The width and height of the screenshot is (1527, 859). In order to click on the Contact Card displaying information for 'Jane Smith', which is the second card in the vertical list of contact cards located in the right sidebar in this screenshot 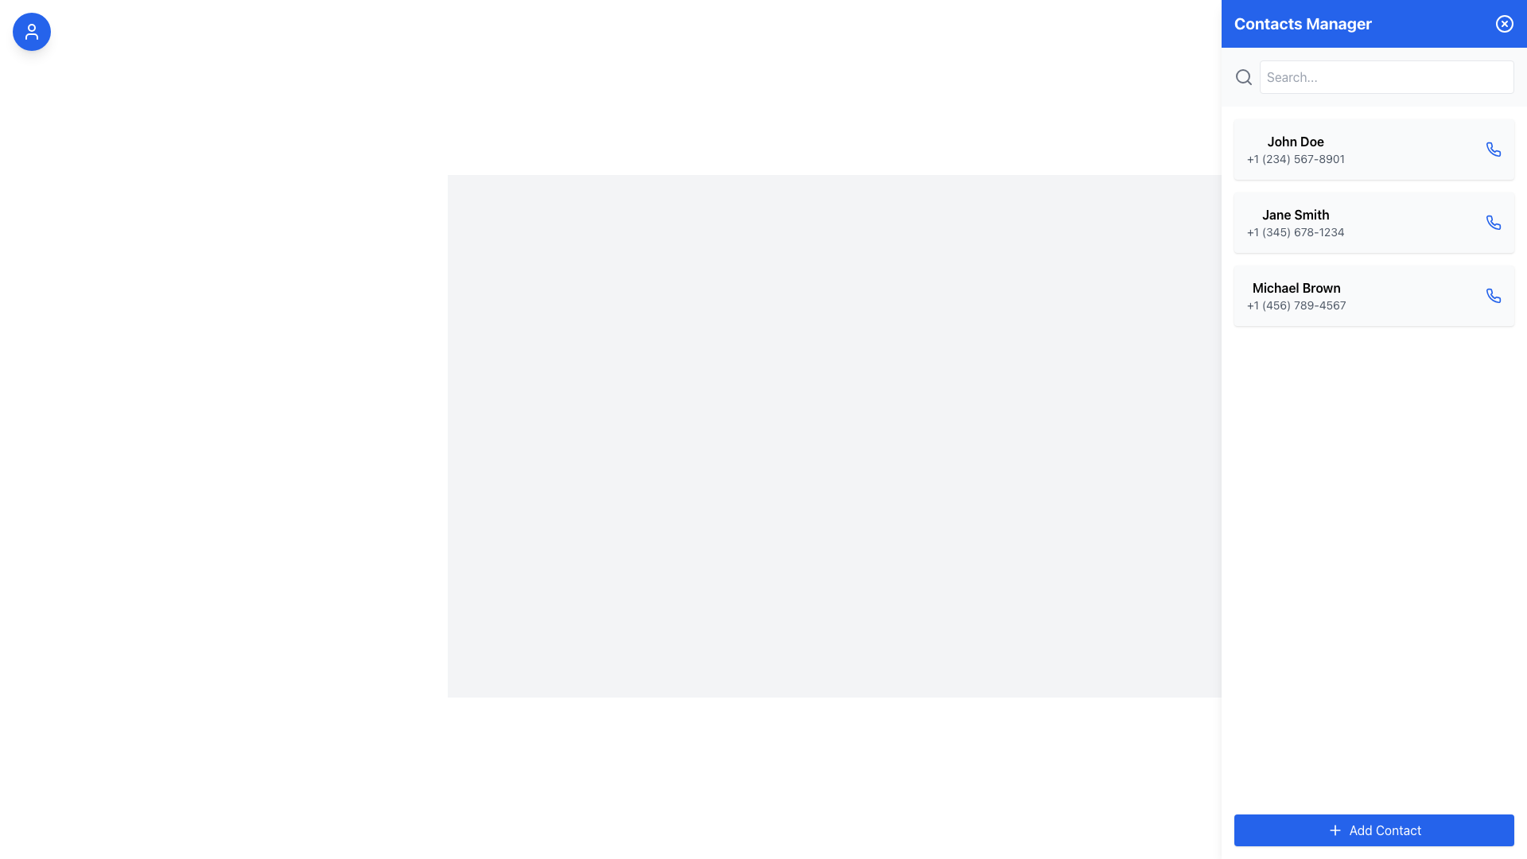, I will do `click(1374, 223)`.